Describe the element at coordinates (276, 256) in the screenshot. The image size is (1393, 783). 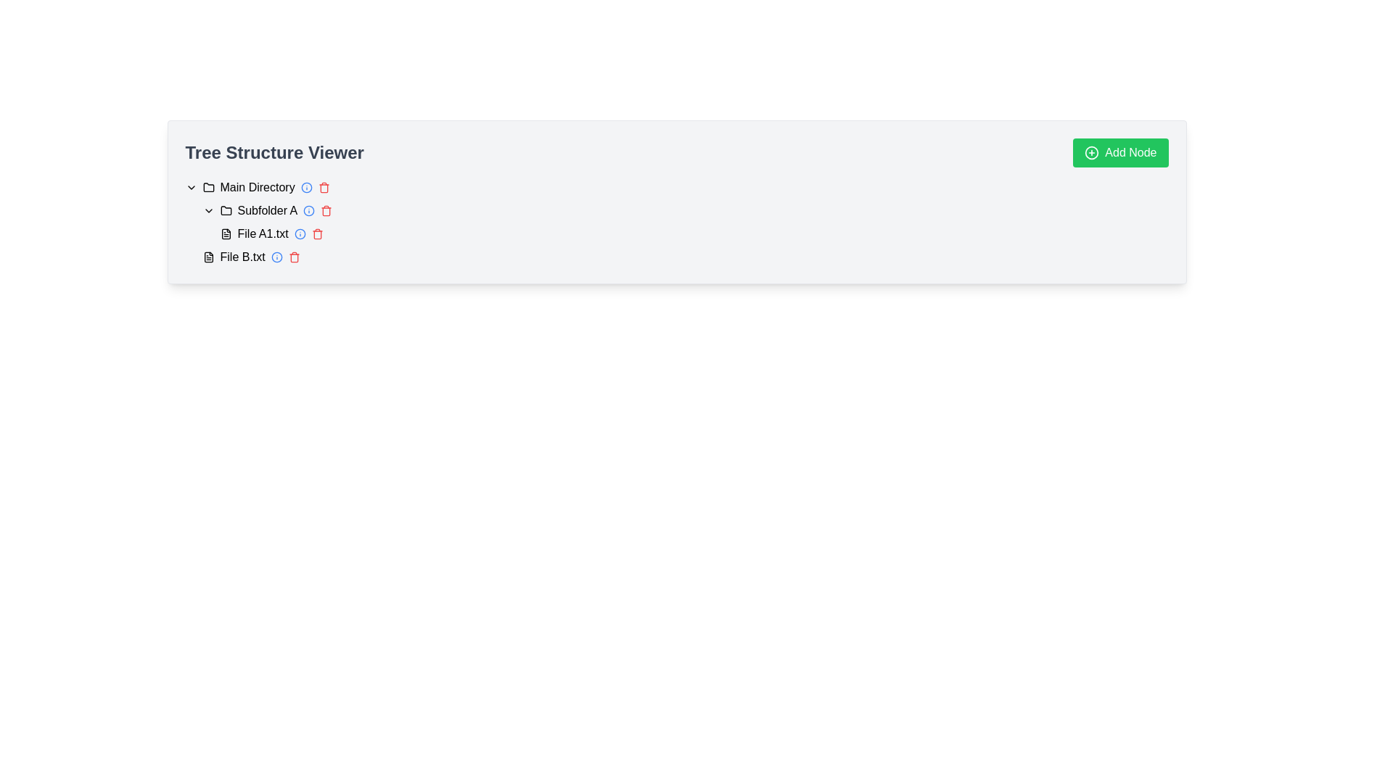
I see `the visual indicator icon adjacent to the directory or file label in the tree structure viewer to interact with nearby items` at that location.